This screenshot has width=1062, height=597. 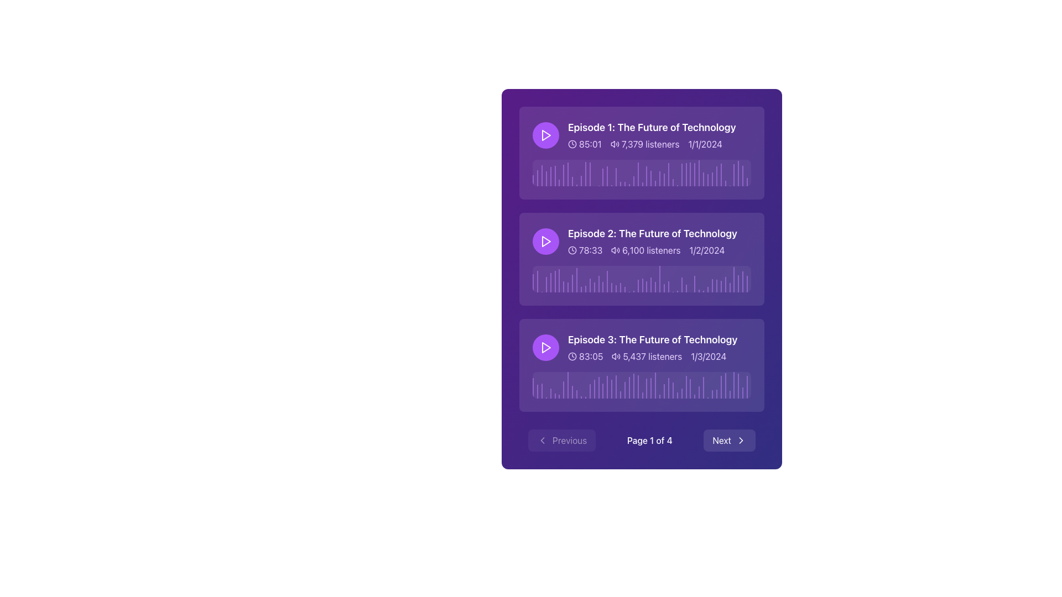 I want to click on the 16th vertical purple sound wave bar in the graphical waveform area of the third podcast entry, so click(x=598, y=387).